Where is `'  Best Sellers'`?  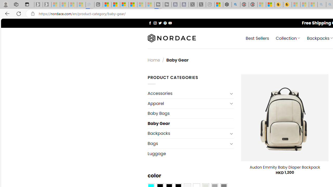 '  Best Sellers' is located at coordinates (258, 38).